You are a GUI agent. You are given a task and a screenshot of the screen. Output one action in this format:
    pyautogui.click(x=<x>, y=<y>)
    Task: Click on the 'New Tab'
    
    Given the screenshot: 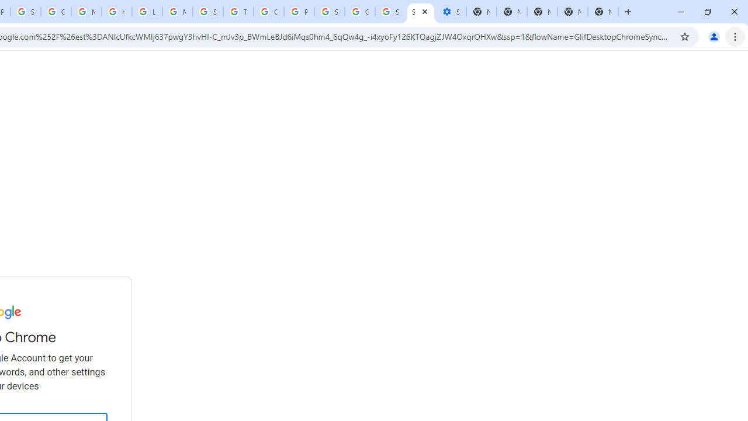 What is the action you would take?
    pyautogui.click(x=603, y=12)
    